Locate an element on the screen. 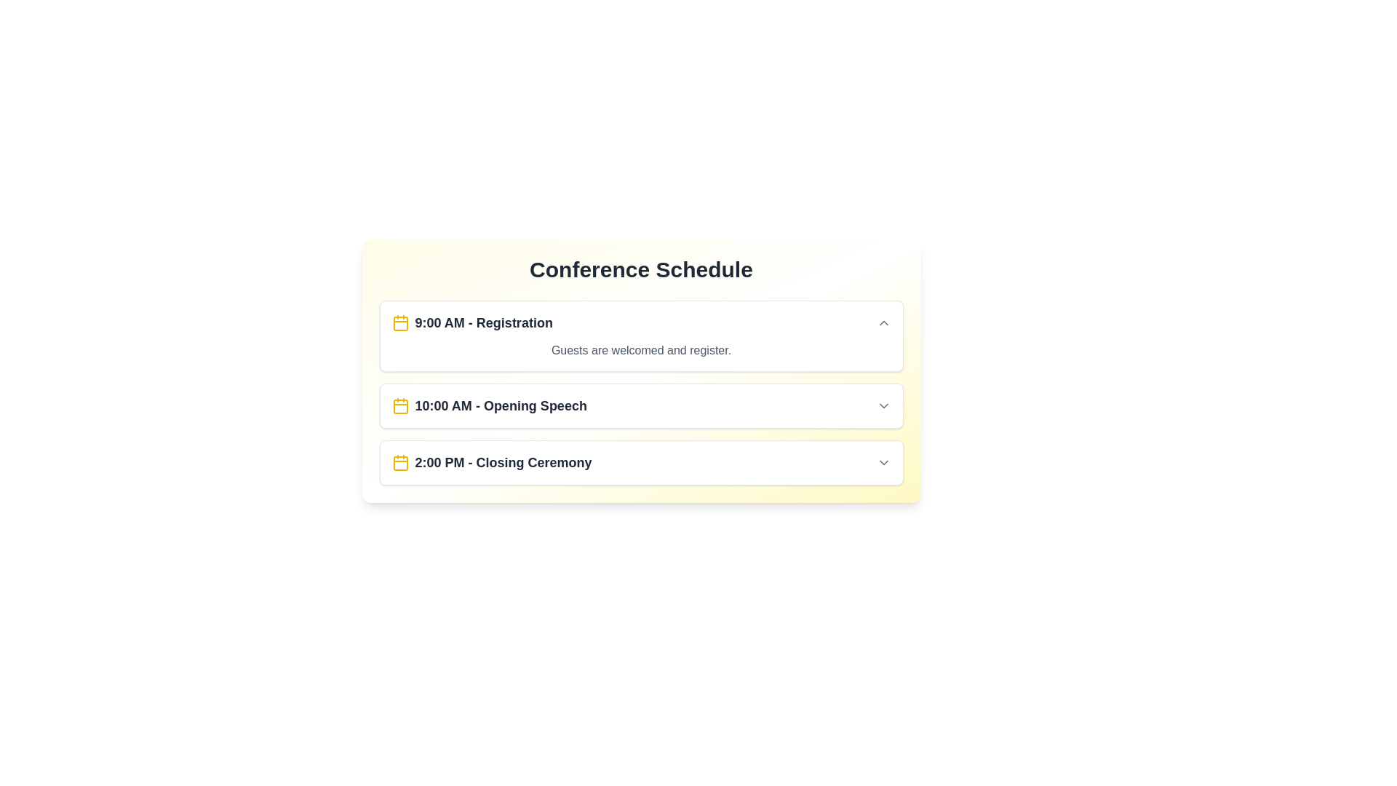  the Text and Icon Label that provides specific scheduling information within the 'Conference Schedule', located between '9:00 AM - Registration' and '2:00 PM - Closing Ceremony' is located at coordinates (489, 406).